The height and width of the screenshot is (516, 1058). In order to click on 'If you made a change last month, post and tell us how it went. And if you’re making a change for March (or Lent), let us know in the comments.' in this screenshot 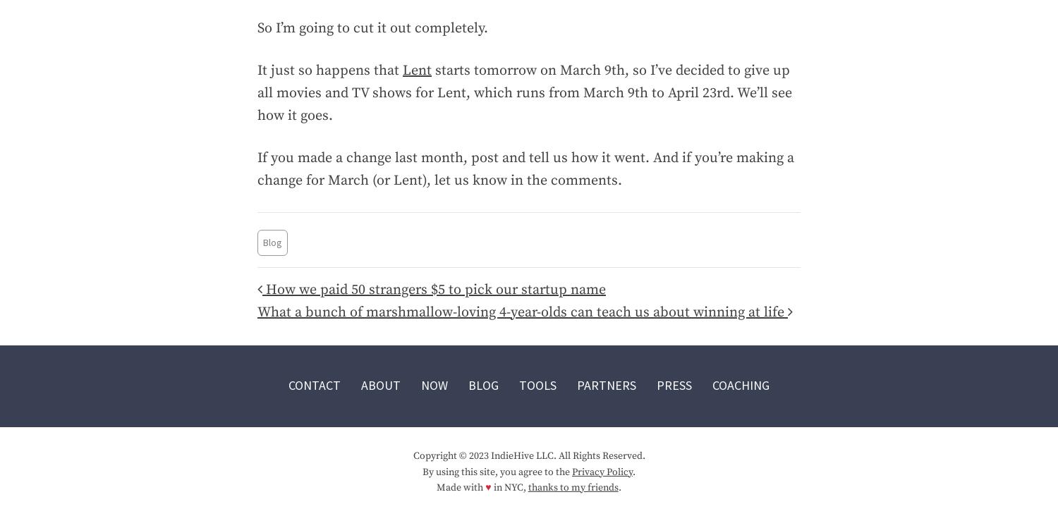, I will do `click(256, 168)`.